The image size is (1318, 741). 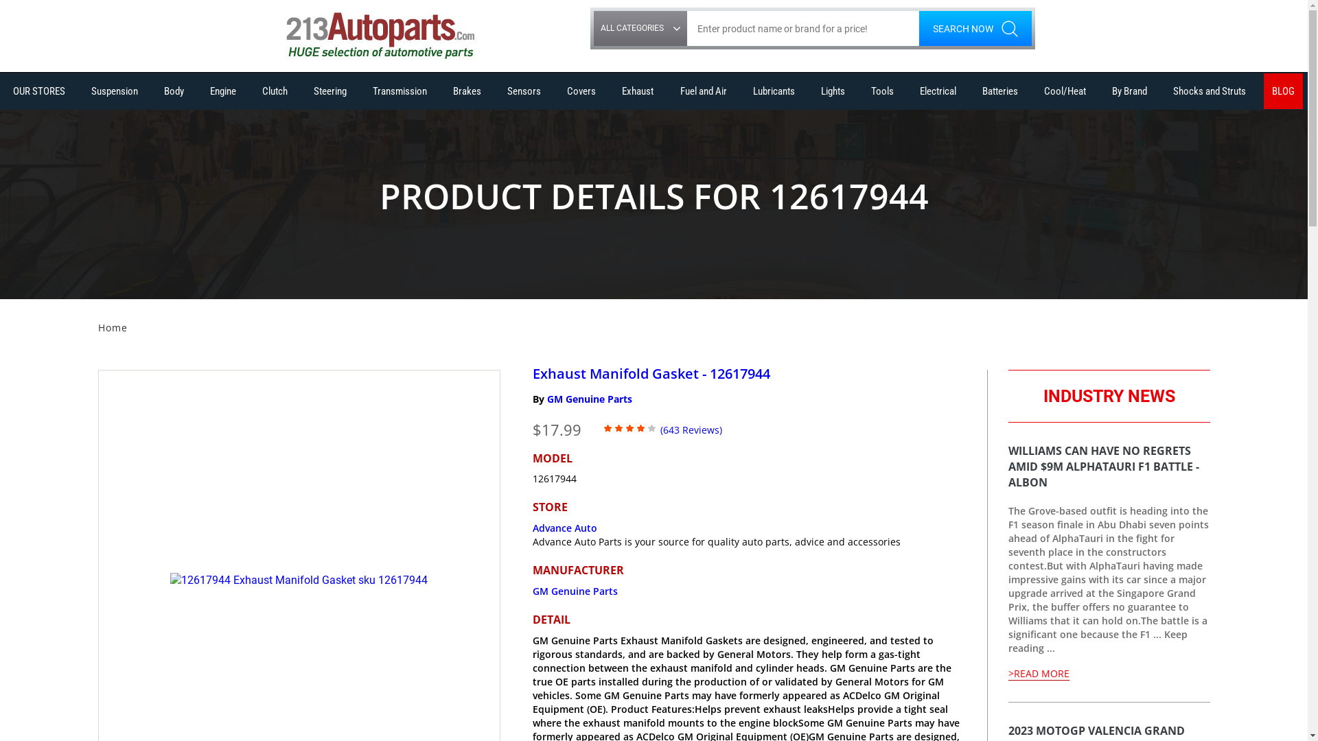 What do you see at coordinates (1000, 91) in the screenshot?
I see `'Batteries'` at bounding box center [1000, 91].